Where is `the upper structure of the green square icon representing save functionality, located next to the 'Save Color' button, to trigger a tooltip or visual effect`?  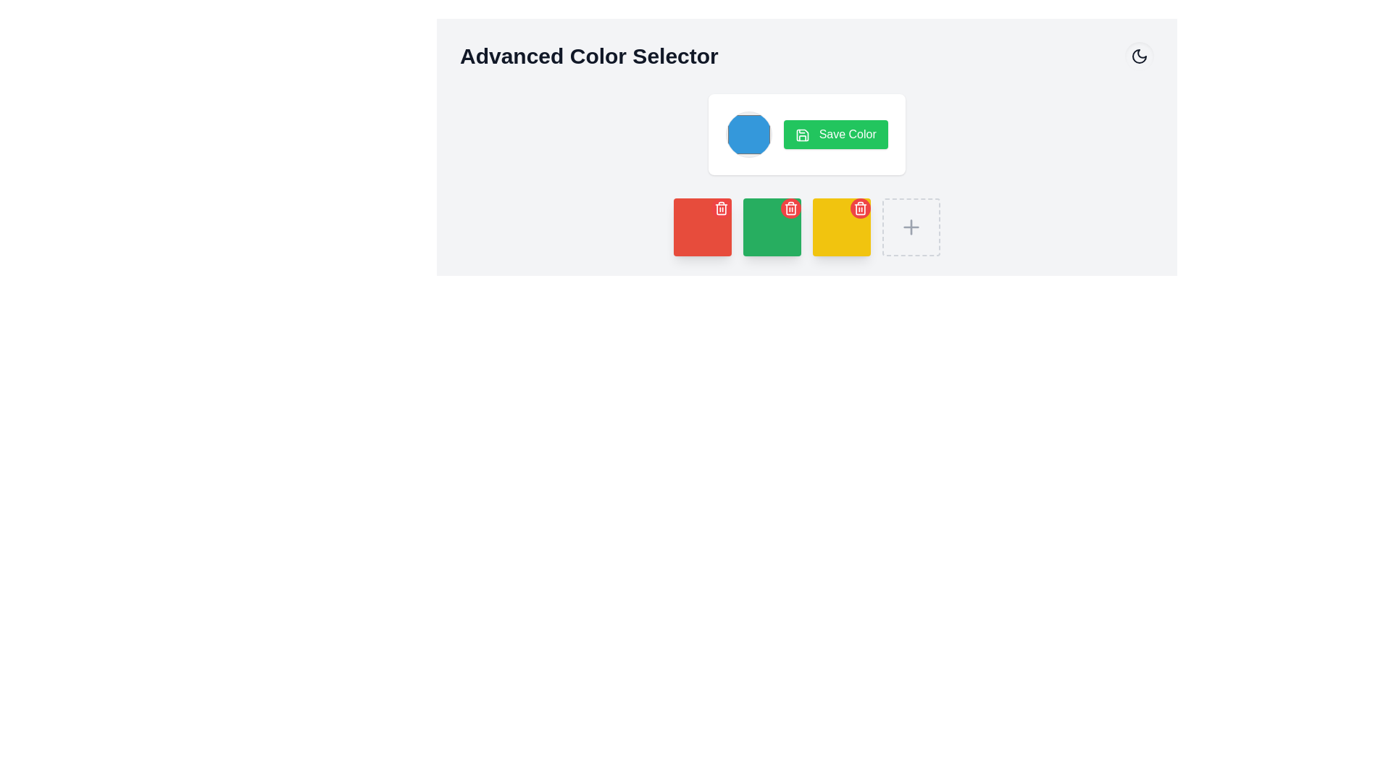
the upper structure of the green square icon representing save functionality, located next to the 'Save Color' button, to trigger a tooltip or visual effect is located at coordinates (802, 135).